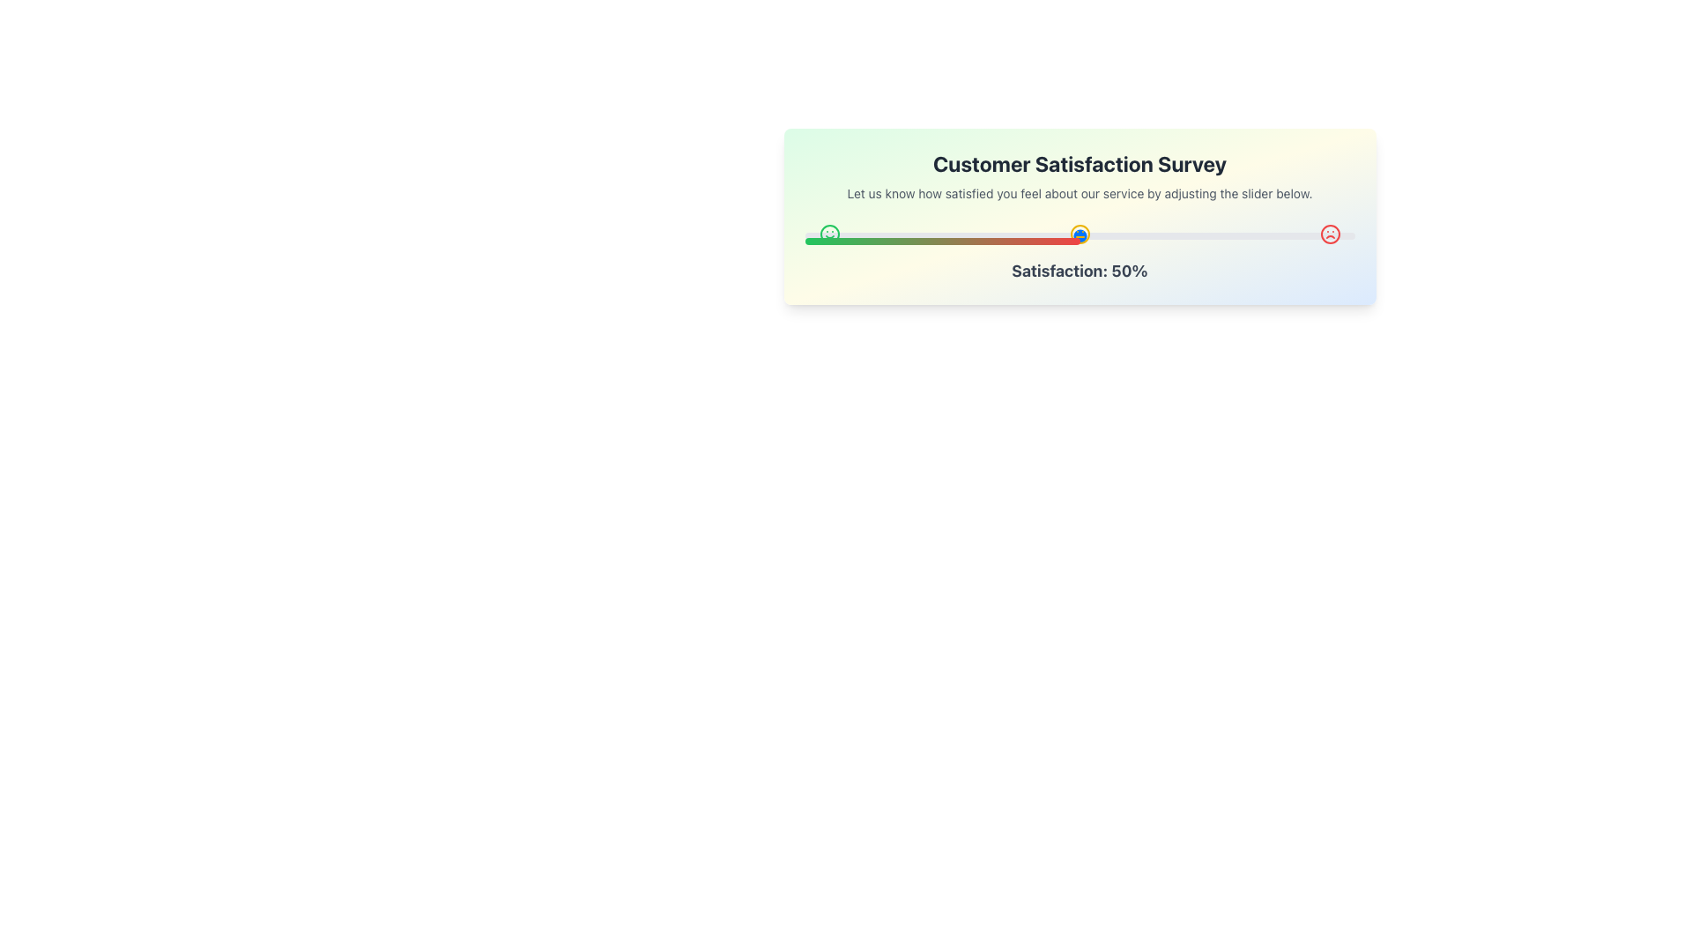 This screenshot has height=952, width=1692. What do you see at coordinates (1316, 234) in the screenshot?
I see `customer satisfaction level` at bounding box center [1316, 234].